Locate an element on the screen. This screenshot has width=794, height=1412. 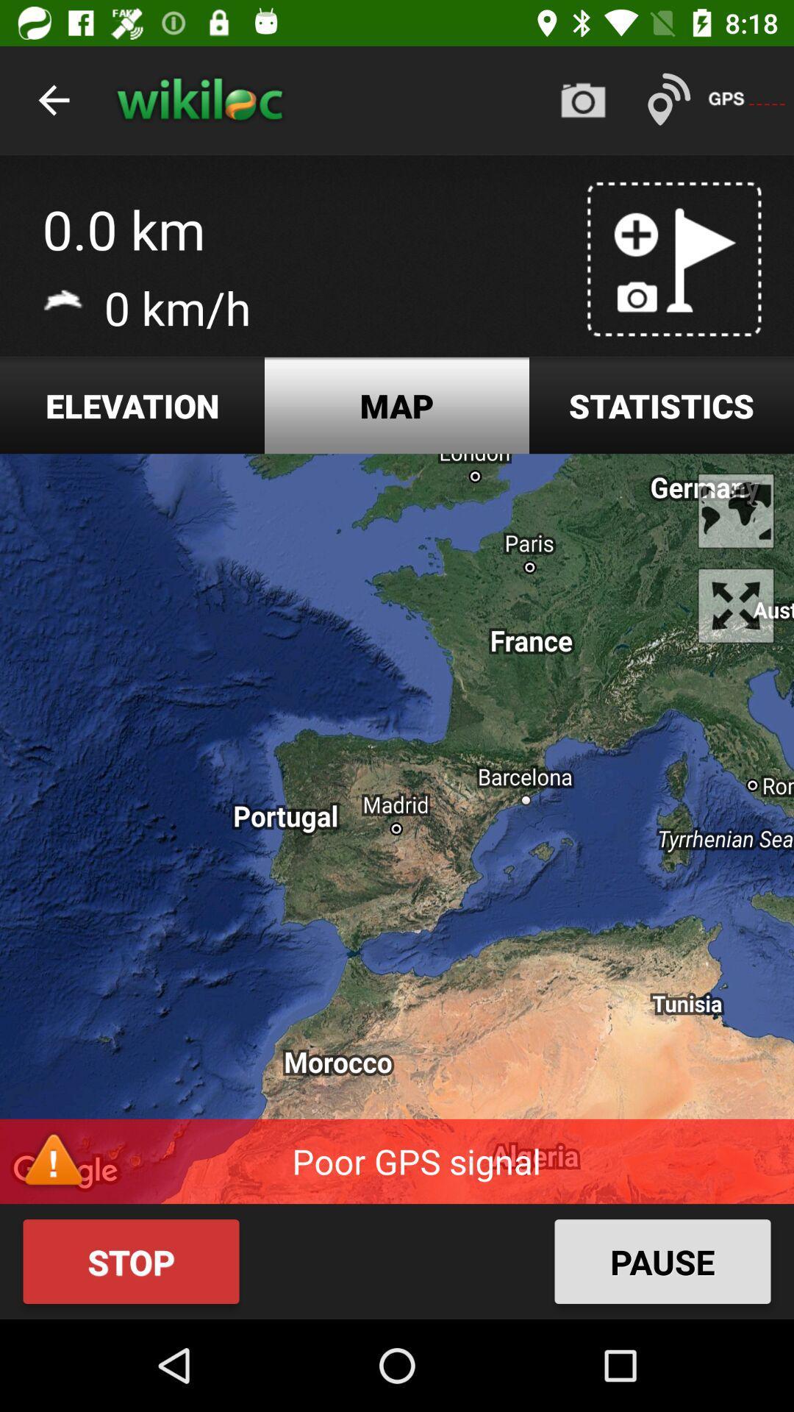
the stop icon is located at coordinates (130, 1261).